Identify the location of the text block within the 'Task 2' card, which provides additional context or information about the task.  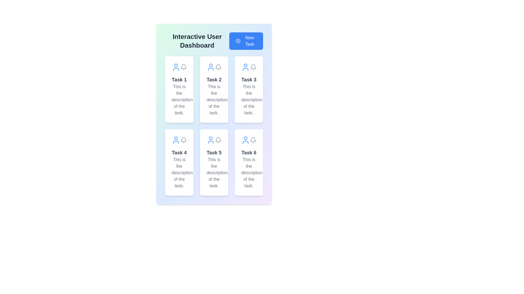
(214, 100).